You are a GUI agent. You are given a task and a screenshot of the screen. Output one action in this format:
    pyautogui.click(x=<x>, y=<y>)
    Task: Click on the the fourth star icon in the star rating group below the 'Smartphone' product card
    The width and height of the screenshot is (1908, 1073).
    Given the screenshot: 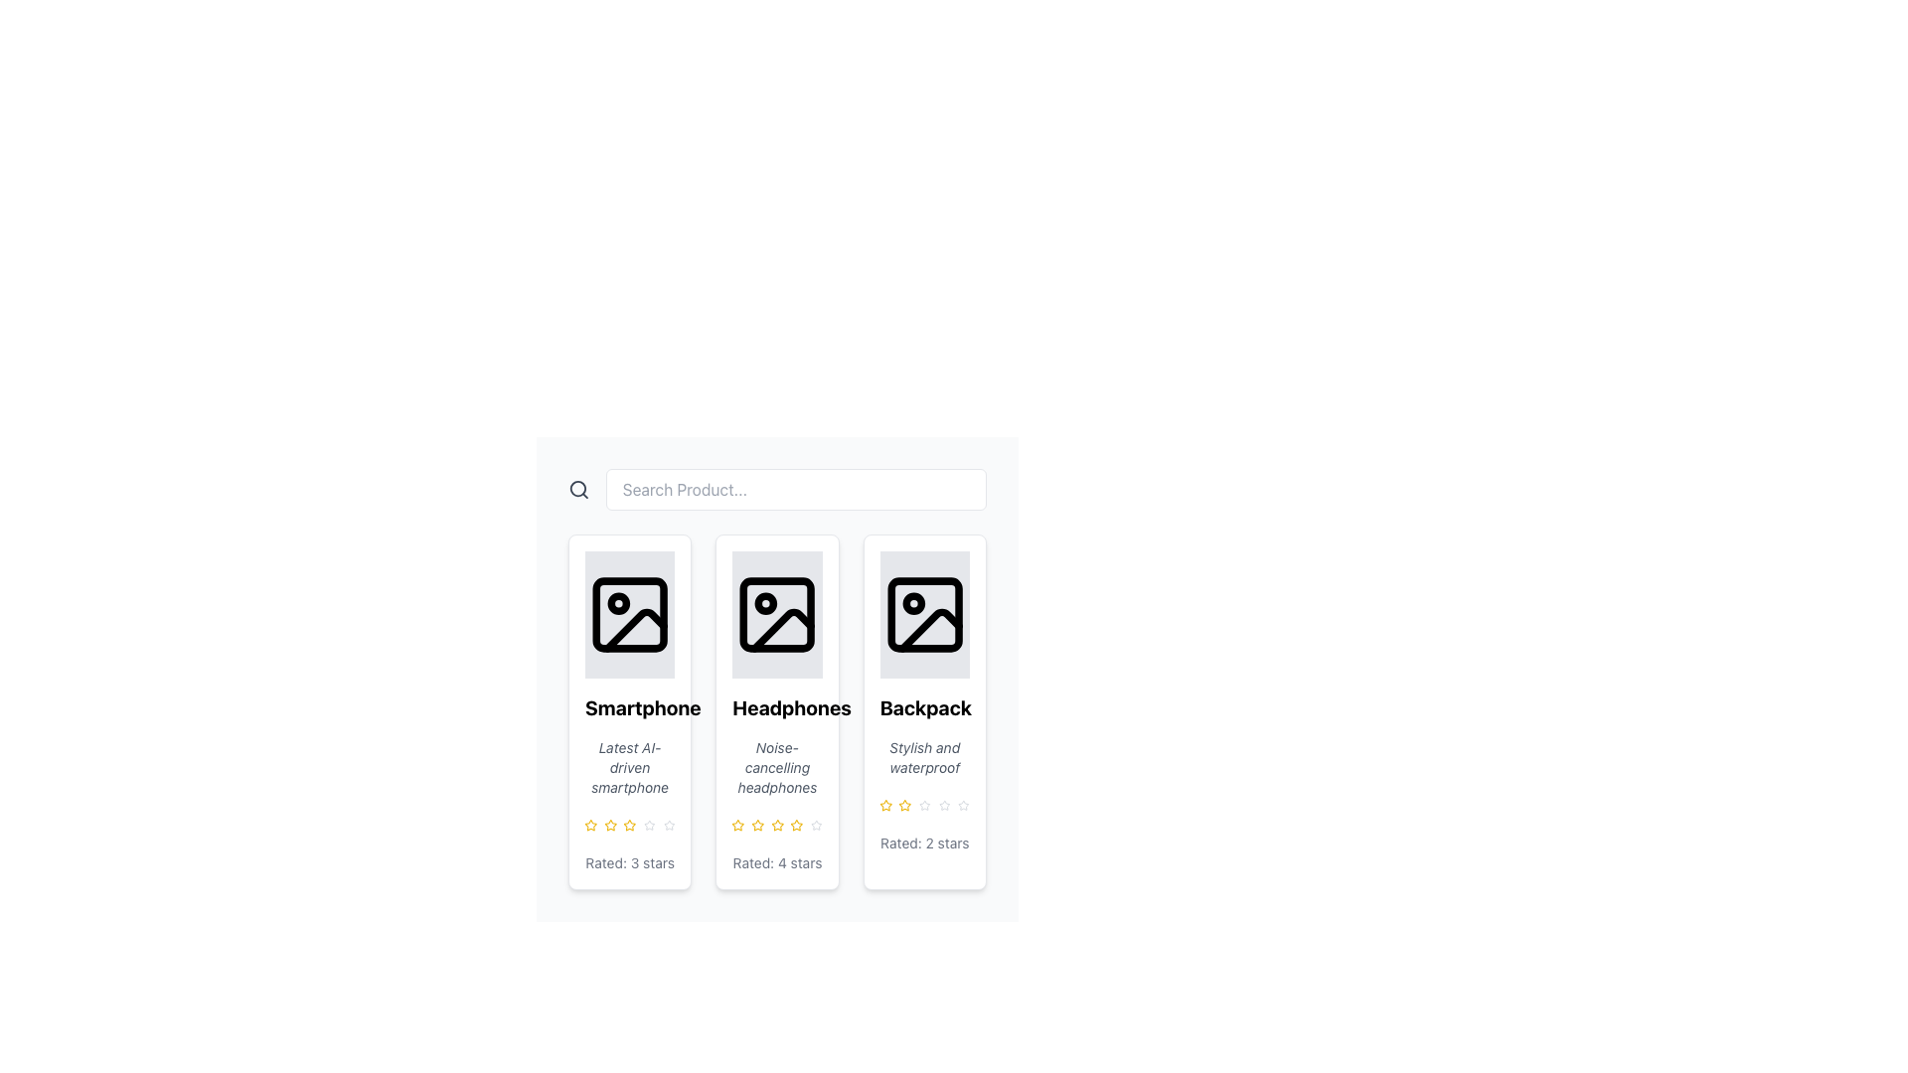 What is the action you would take?
    pyautogui.click(x=629, y=825)
    